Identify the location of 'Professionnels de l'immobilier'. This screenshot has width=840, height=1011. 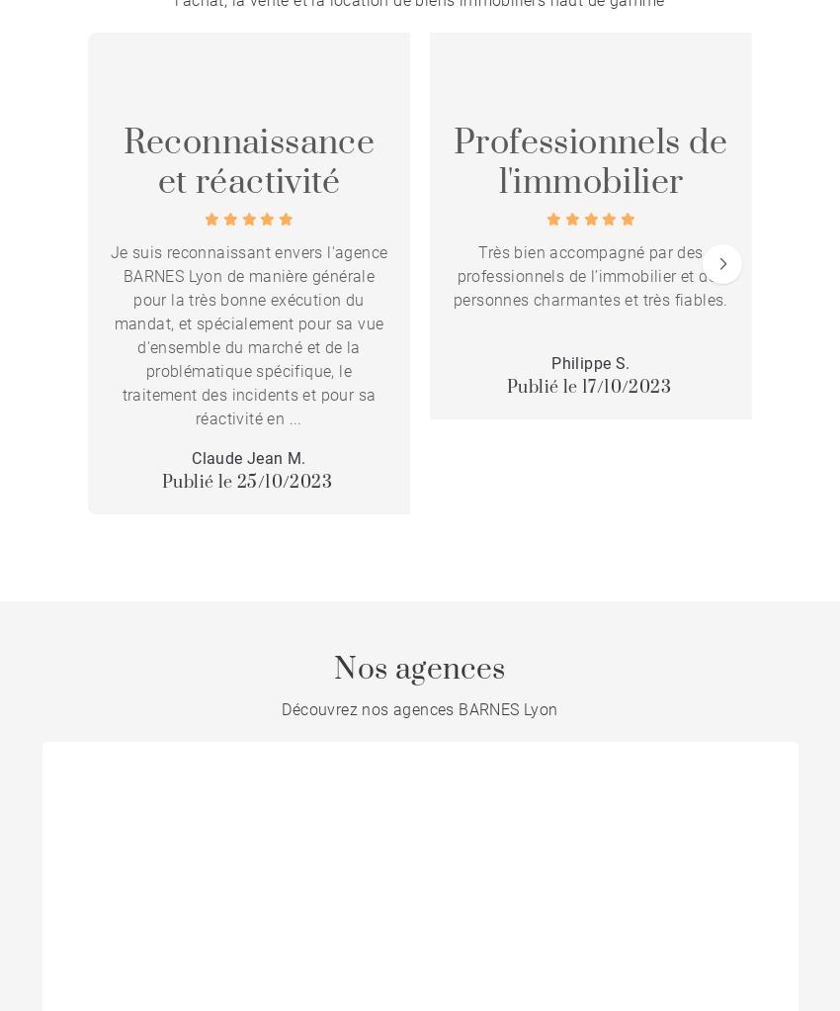
(589, 161).